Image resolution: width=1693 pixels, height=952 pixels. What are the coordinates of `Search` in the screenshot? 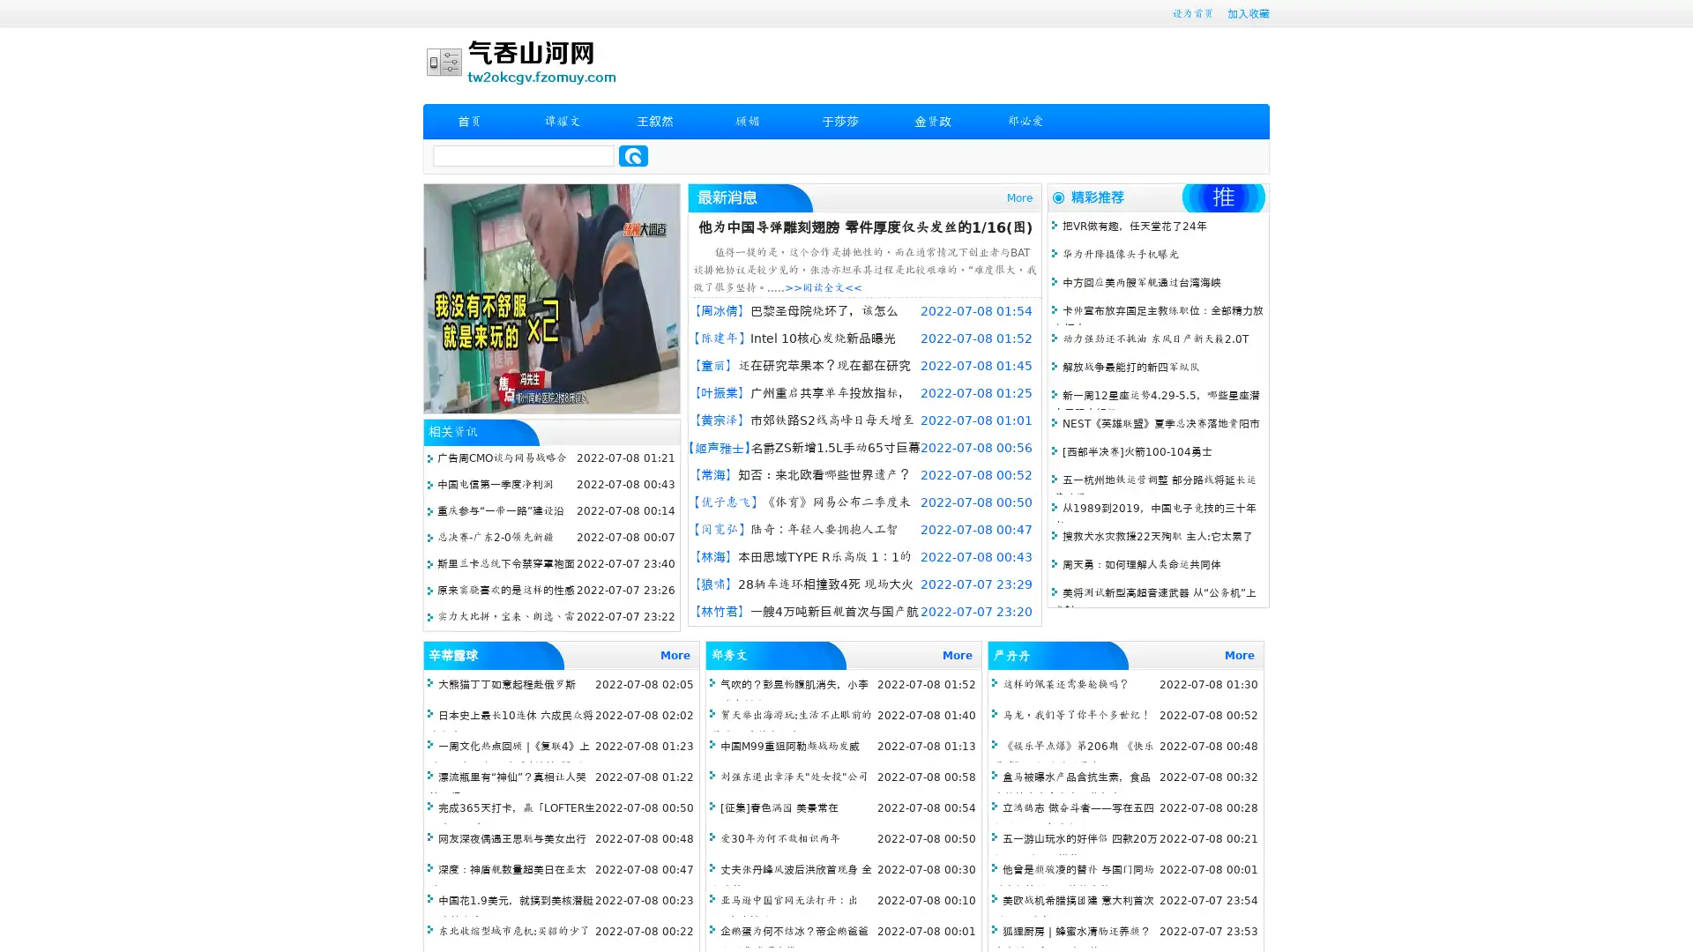 It's located at (633, 155).